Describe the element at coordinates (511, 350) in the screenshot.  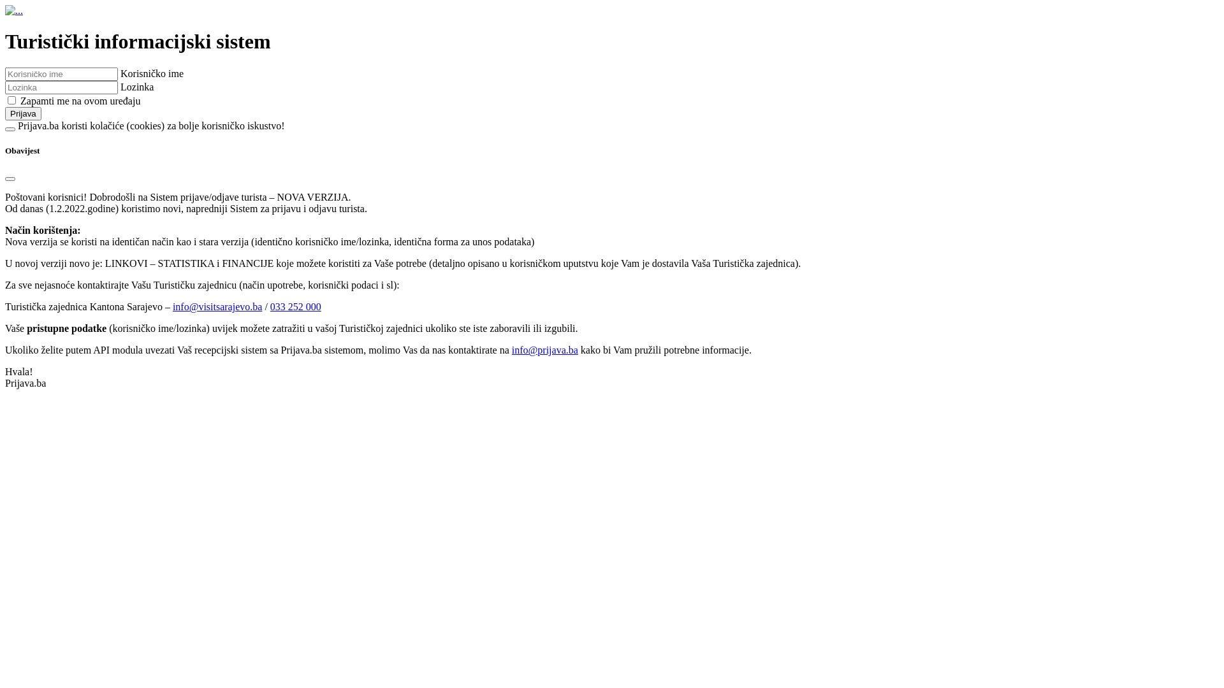
I see `'info@prijava.ba'` at that location.